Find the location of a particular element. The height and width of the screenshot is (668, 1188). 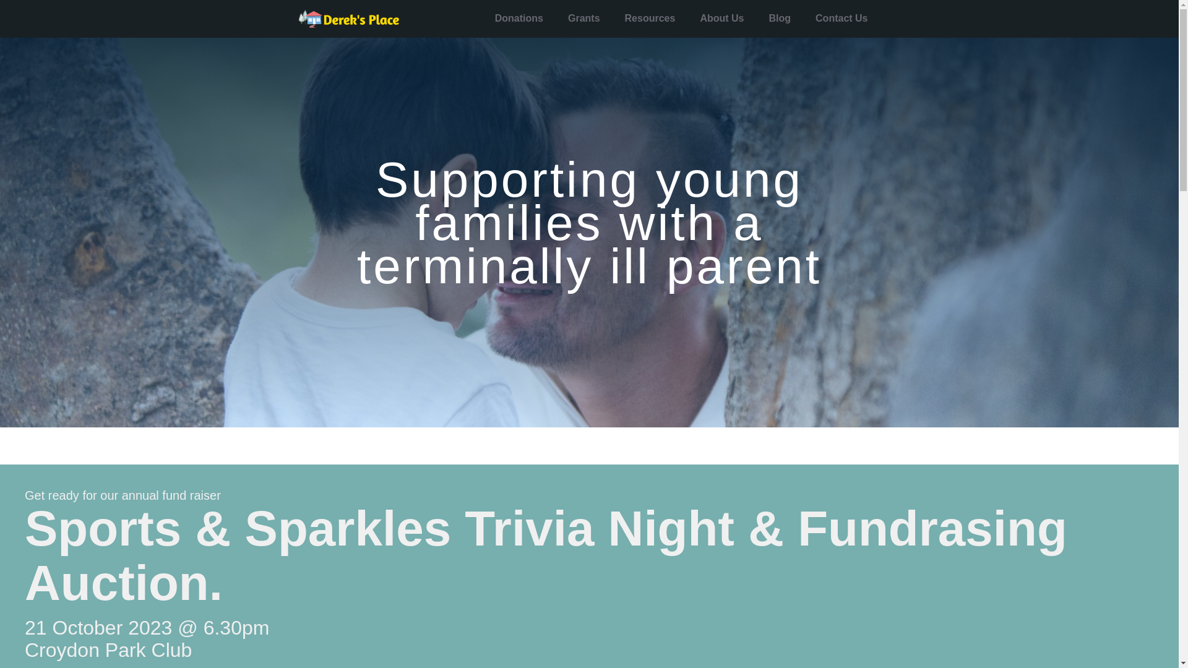

'Contact Us' is located at coordinates (841, 19).